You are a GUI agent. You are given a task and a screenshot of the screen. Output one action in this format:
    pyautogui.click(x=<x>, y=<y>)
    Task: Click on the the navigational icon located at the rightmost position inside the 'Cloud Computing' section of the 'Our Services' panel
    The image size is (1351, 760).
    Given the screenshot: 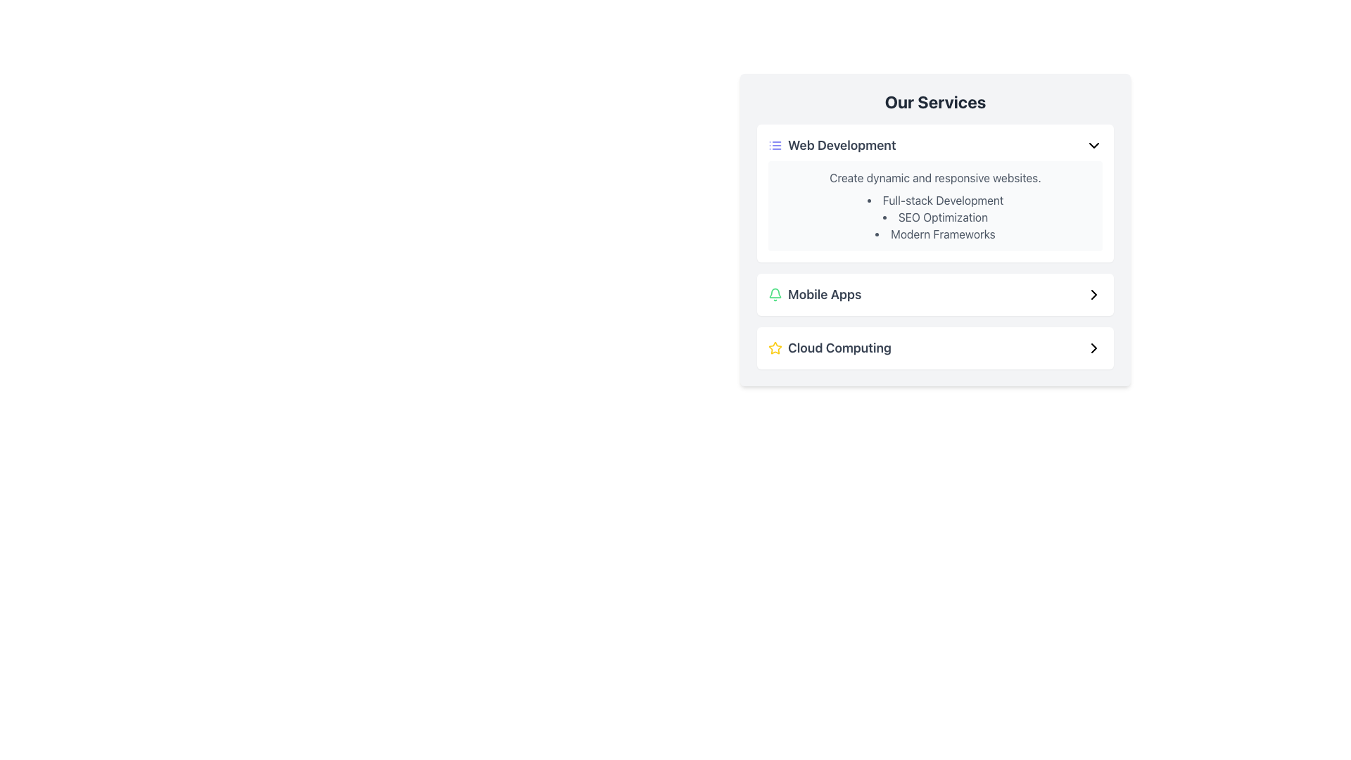 What is the action you would take?
    pyautogui.click(x=1093, y=348)
    